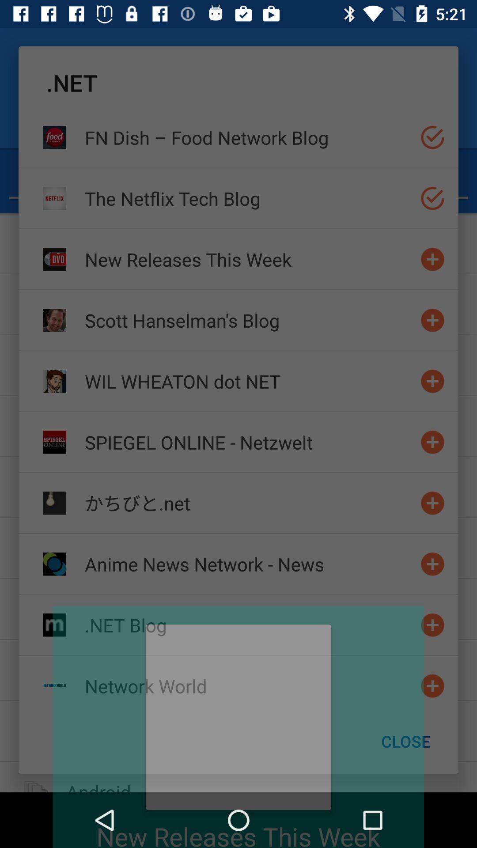  What do you see at coordinates (432, 625) in the screenshot?
I see `open the article` at bounding box center [432, 625].